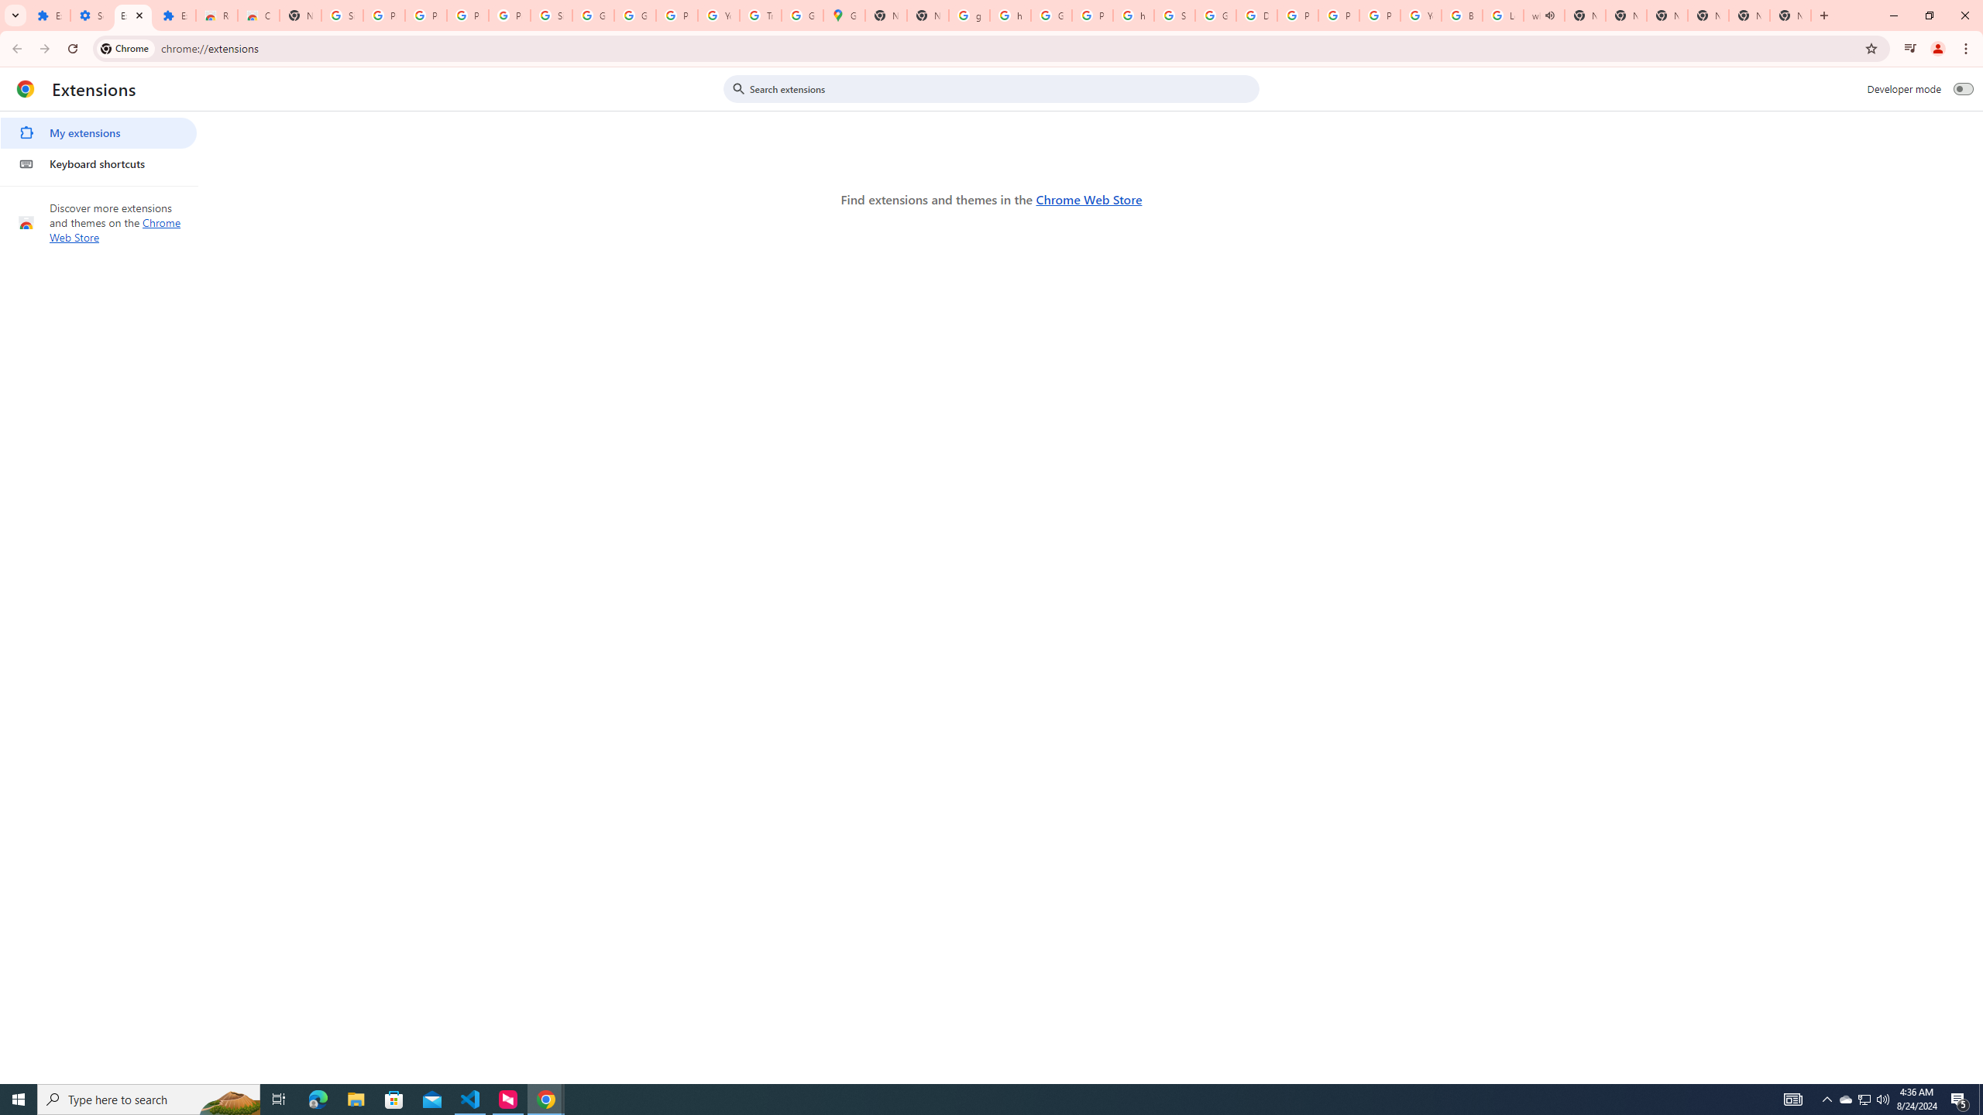 The image size is (1983, 1115). Describe the element at coordinates (1550, 15) in the screenshot. I see `'Mute tab'` at that location.